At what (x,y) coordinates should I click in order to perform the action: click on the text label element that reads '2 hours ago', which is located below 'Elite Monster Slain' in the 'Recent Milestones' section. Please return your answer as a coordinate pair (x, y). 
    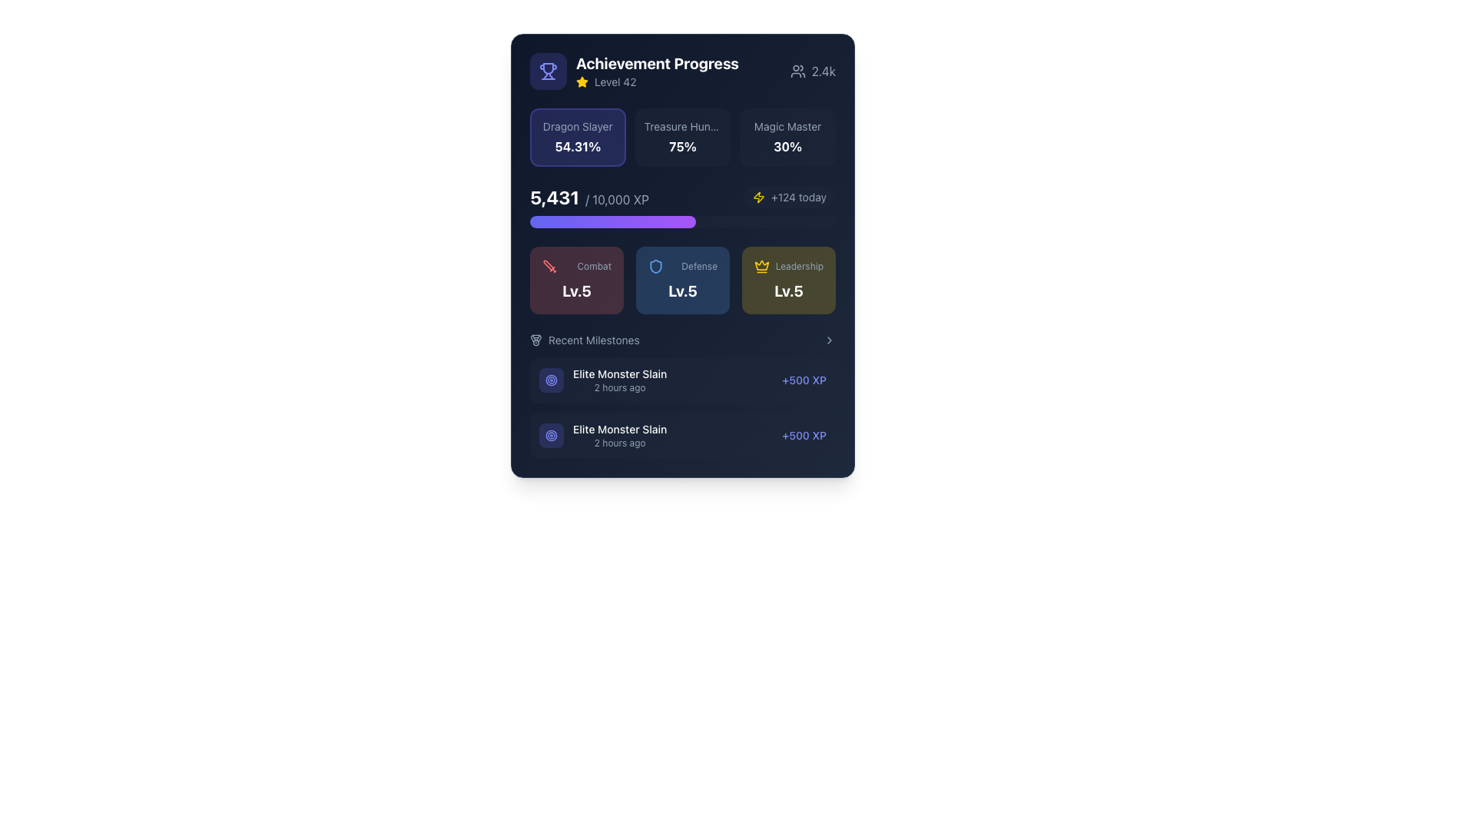
    Looking at the image, I should click on (620, 387).